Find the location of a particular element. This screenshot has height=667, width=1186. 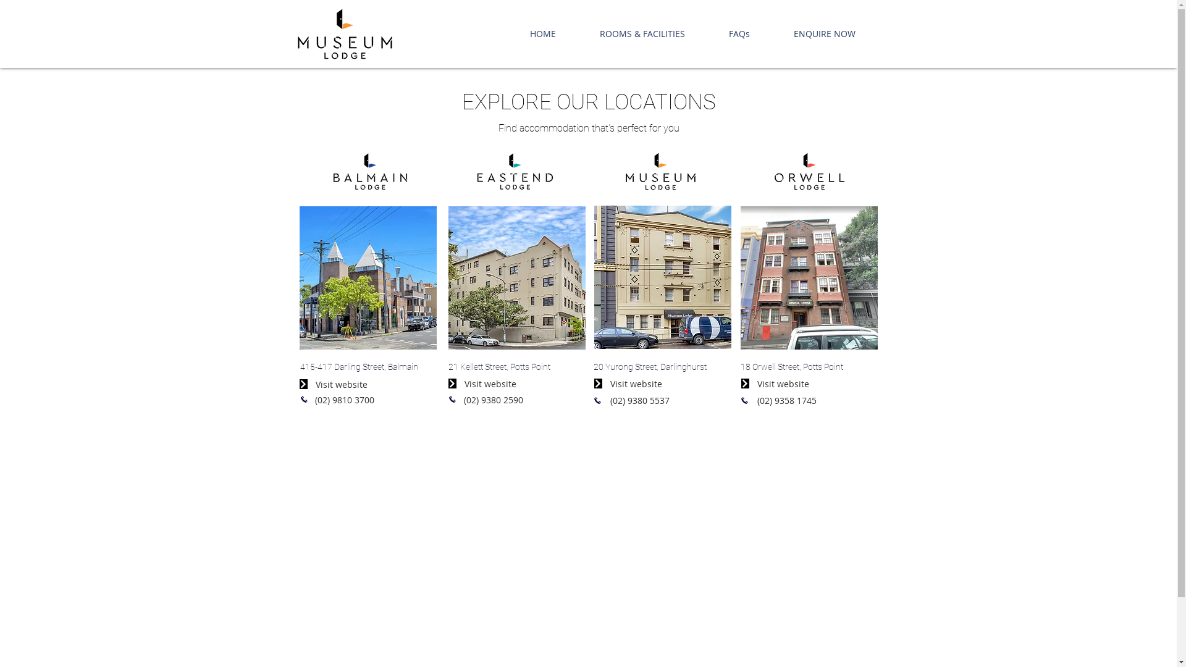

'Eastend-Lodge-Pos.png' is located at coordinates (515, 170).